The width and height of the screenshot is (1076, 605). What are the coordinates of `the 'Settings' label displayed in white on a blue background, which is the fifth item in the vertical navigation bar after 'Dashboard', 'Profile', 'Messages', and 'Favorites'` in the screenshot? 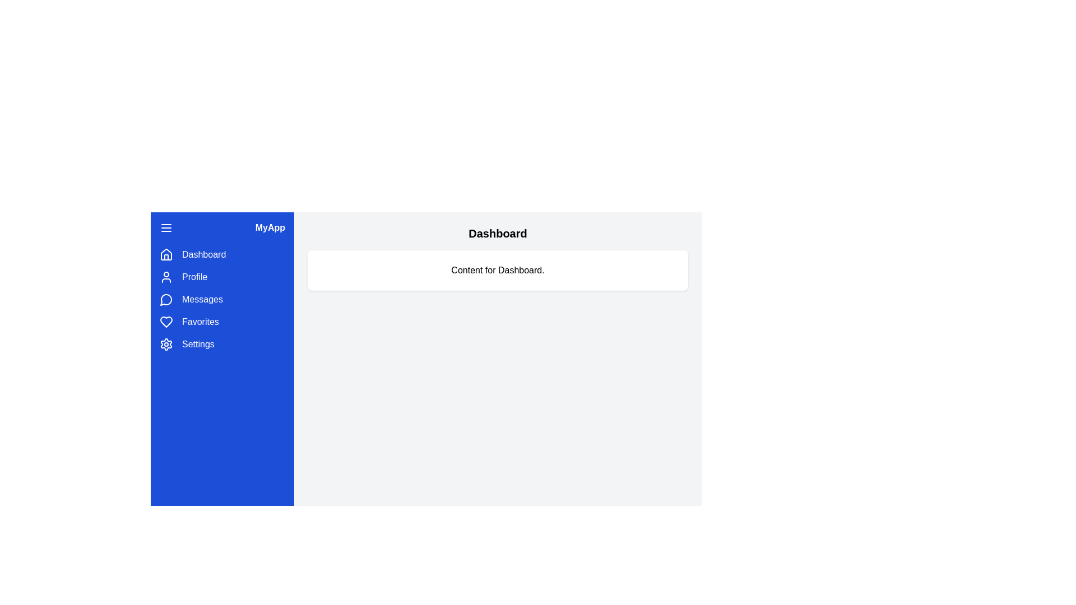 It's located at (198, 343).